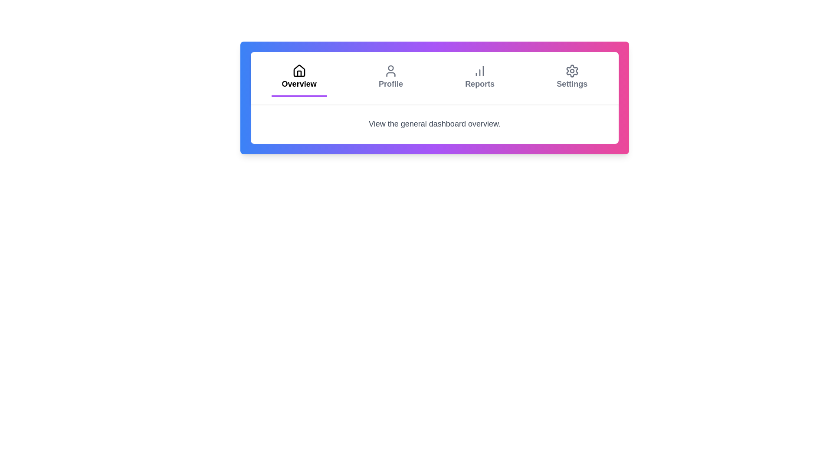 The height and width of the screenshot is (468, 833). I want to click on the 'Settings' text label located in the top-right portion of the navigation bar, which is styled in gray and is the last item in the menu, so click(572, 84).